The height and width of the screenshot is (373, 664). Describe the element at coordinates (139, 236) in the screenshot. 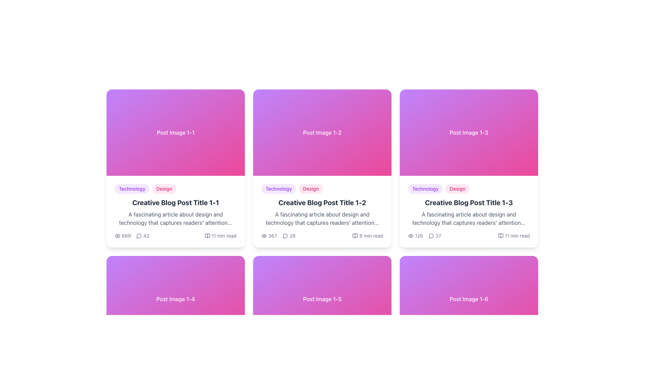

I see `the chat bubble icon, which is styled as an outline and located within the first post card under the text 'Creative Blog Post Title 1-1'` at that location.